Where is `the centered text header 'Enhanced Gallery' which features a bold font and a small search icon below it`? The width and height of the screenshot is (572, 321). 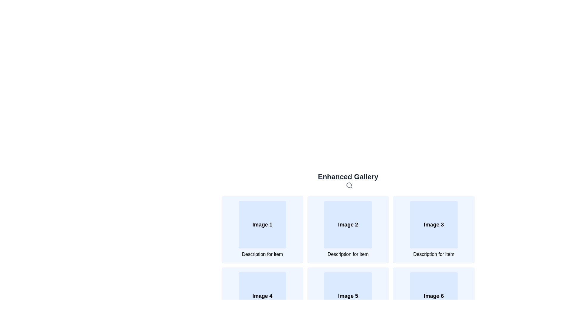
the centered text header 'Enhanced Gallery' which features a bold font and a small search icon below it is located at coordinates (348, 180).